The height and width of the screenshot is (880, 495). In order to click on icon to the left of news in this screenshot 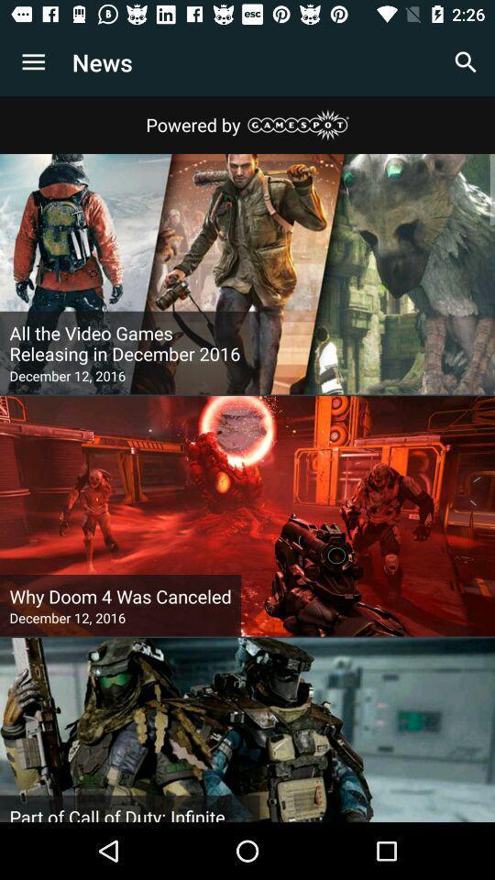, I will do `click(33, 62)`.